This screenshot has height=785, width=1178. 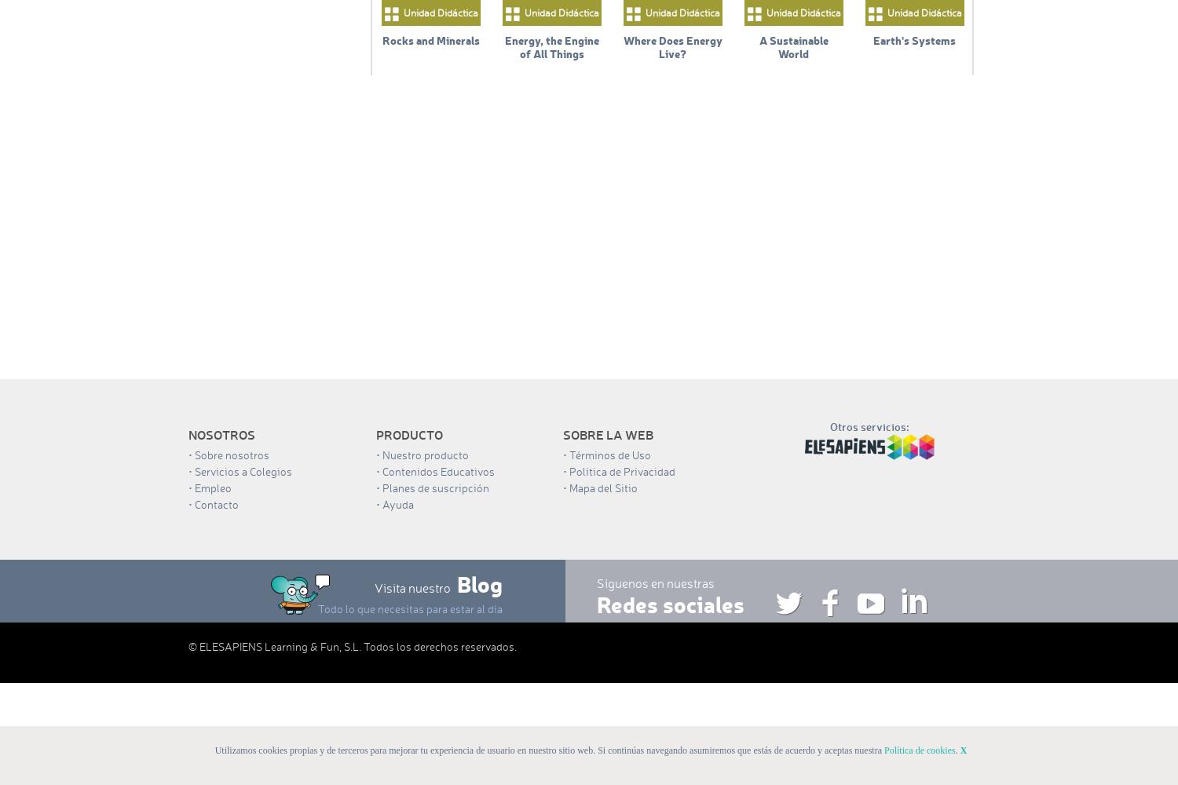 I want to click on 'Planes de suscripción', so click(x=434, y=487).